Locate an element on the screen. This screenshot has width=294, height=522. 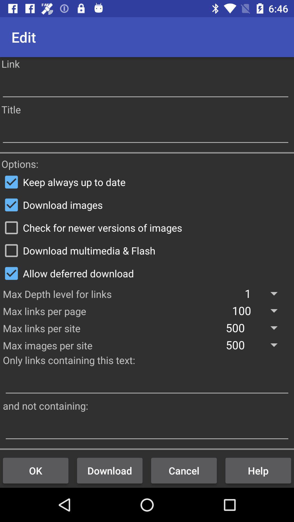
the download images item is located at coordinates (147, 204).